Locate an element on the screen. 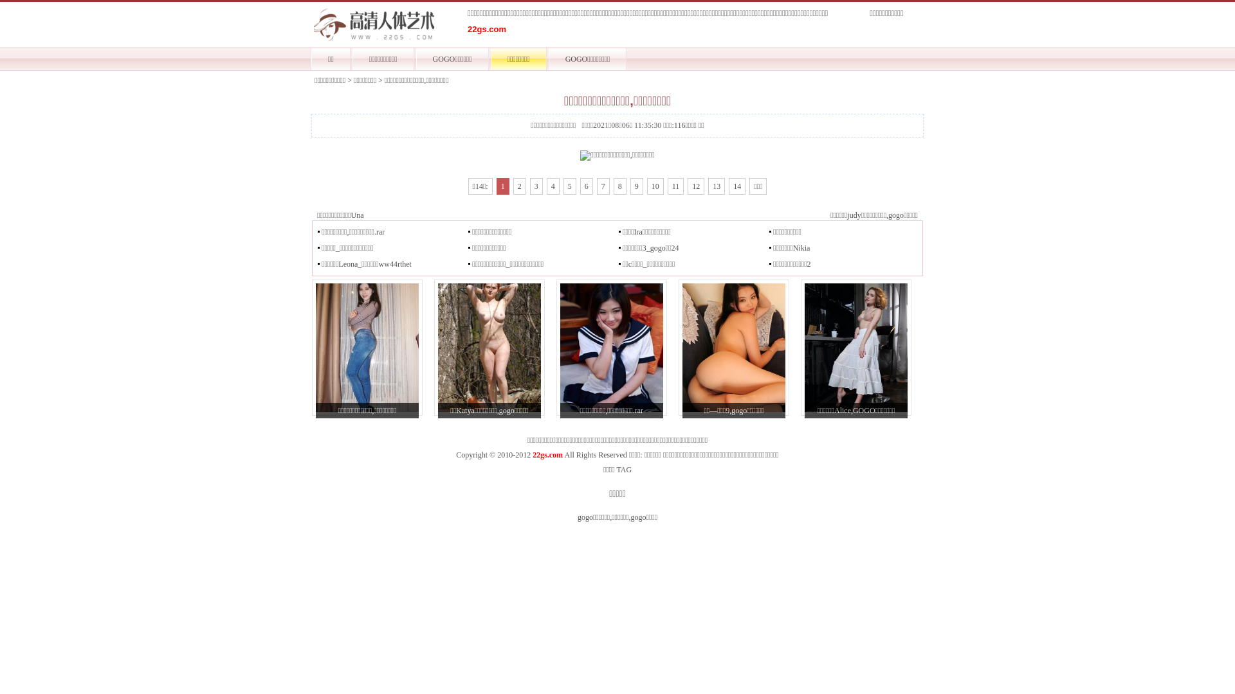 Image resolution: width=1235 pixels, height=694 pixels. '2' is located at coordinates (519, 186).